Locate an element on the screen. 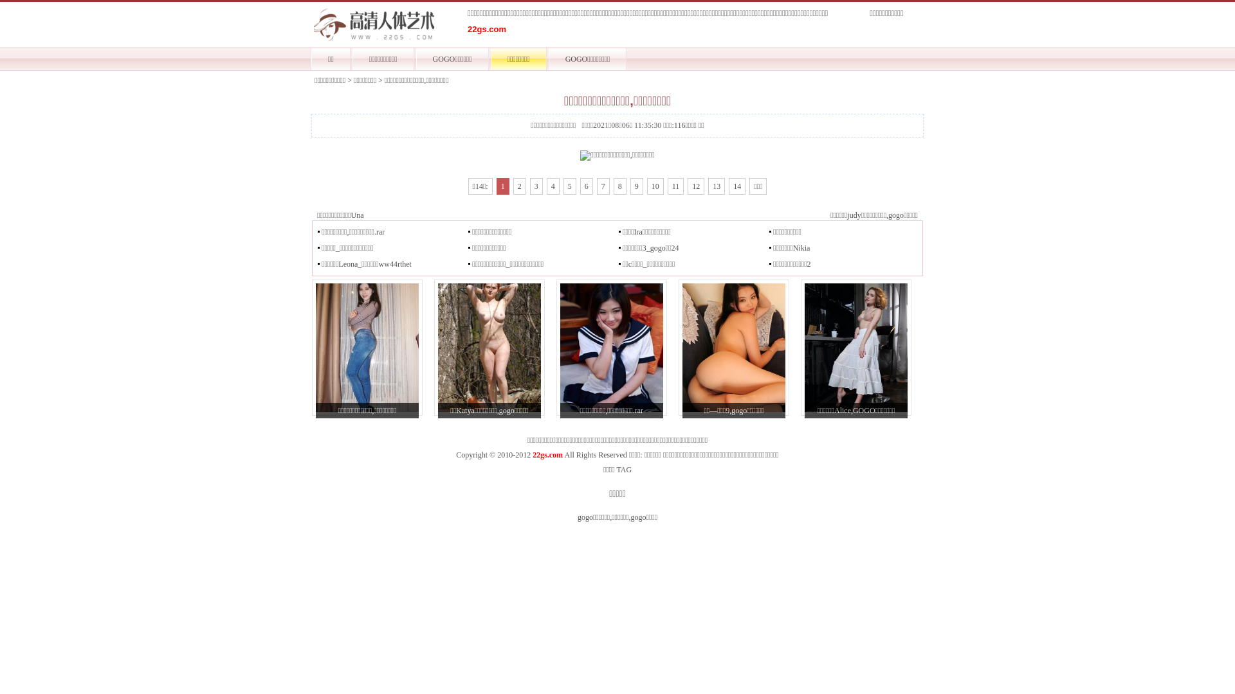 Image resolution: width=1235 pixels, height=694 pixels. '2' is located at coordinates (519, 186).